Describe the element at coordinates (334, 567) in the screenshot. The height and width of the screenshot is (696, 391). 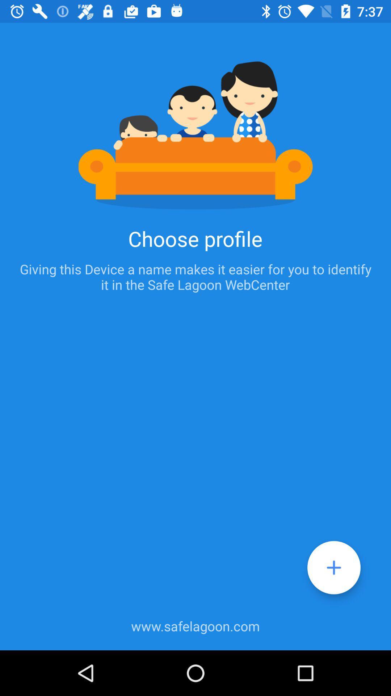
I see `item at the bottom right corner` at that location.